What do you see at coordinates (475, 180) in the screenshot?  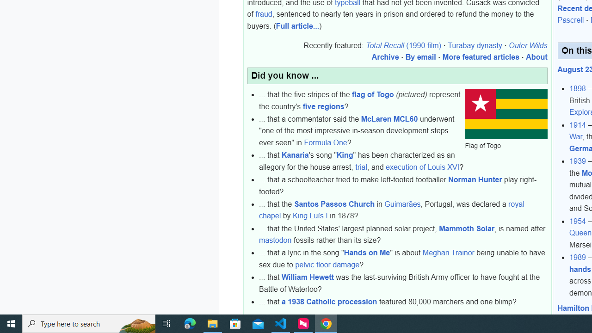 I see `'Norman Hunter'` at bounding box center [475, 180].